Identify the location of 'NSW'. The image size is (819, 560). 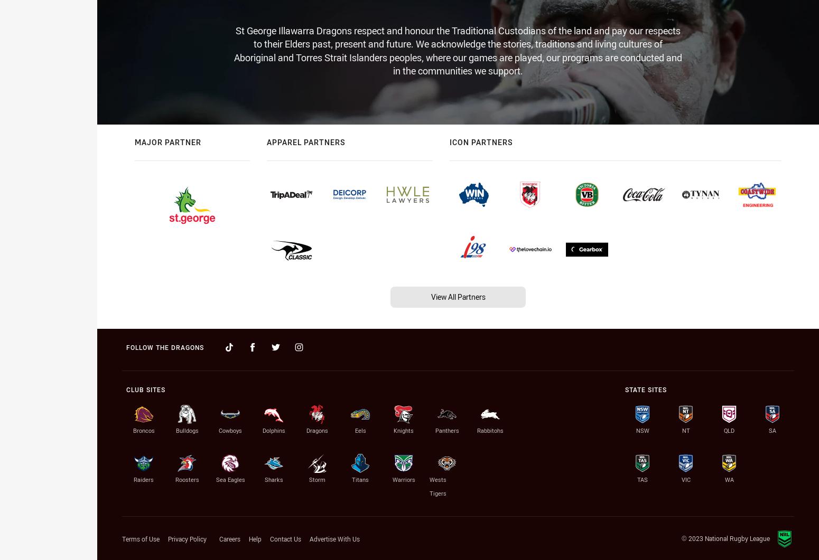
(642, 430).